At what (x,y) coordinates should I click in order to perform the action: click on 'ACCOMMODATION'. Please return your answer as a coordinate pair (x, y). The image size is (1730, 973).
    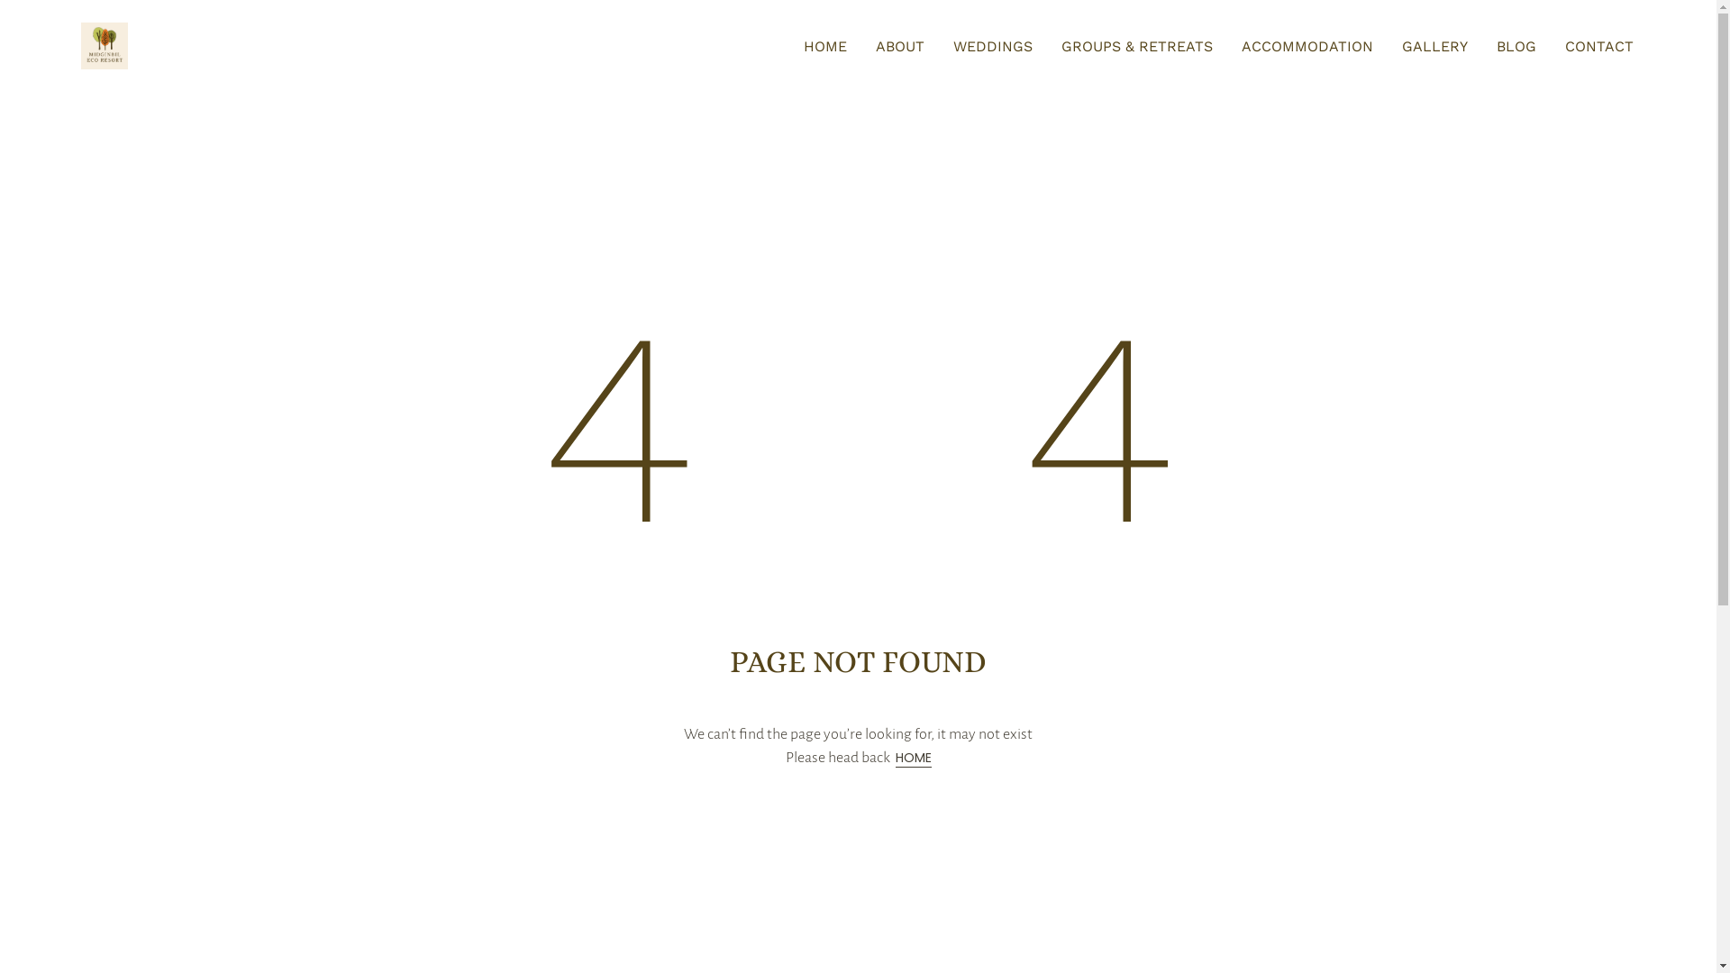
    Looking at the image, I should click on (1240, 45).